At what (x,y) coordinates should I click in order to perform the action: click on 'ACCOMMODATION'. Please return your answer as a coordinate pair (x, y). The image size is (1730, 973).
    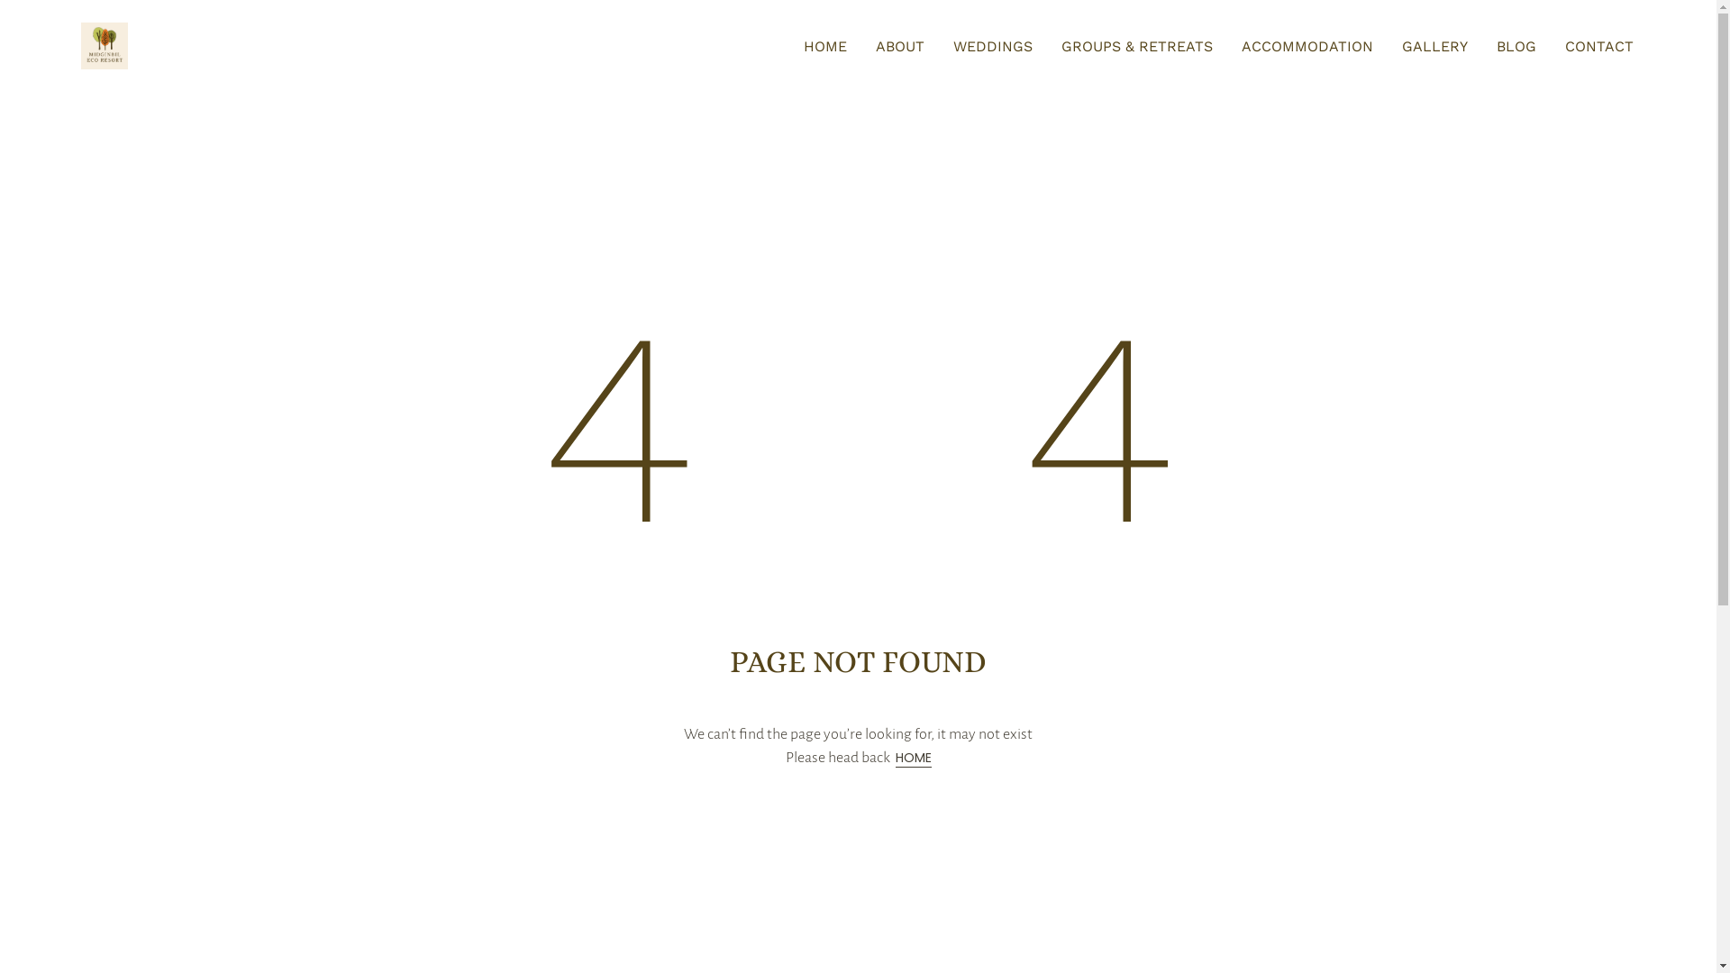
    Looking at the image, I should click on (1240, 45).